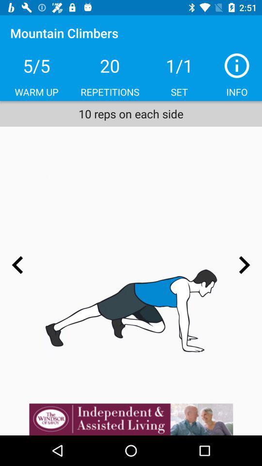 The width and height of the screenshot is (262, 466). What do you see at coordinates (244, 265) in the screenshot?
I see `next` at bounding box center [244, 265].